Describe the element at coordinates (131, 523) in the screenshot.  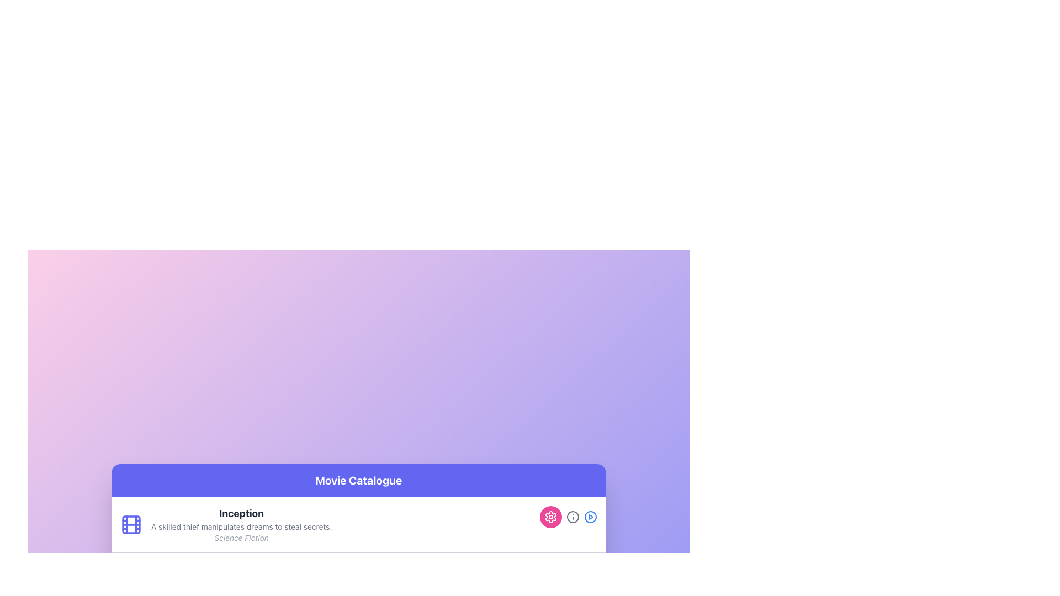
I see `the decorative graphic component that is part of the film reel icon located at the top-left corner of the movie description card for 'Inception'` at that location.